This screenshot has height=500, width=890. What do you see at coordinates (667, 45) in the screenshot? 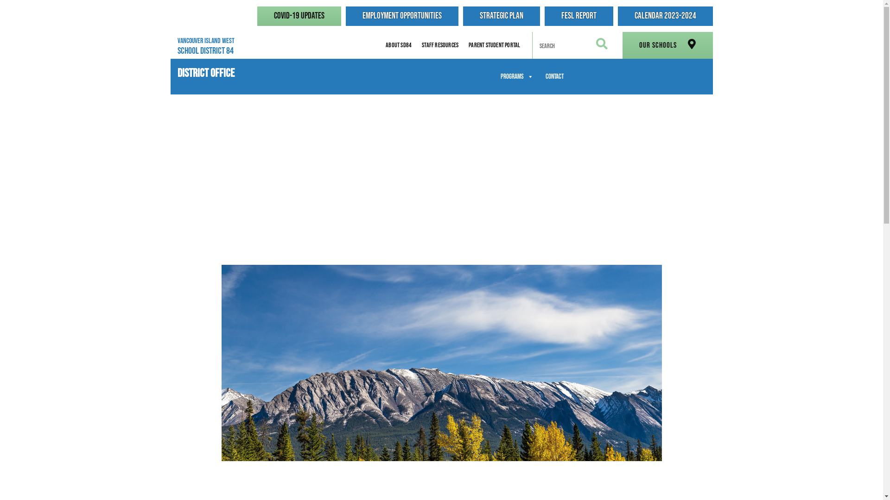
I see `'OUR SCHOOLS'` at bounding box center [667, 45].